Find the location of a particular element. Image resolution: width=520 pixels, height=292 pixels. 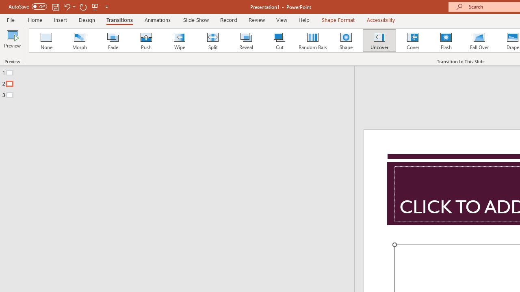

'Wipe' is located at coordinates (179, 41).